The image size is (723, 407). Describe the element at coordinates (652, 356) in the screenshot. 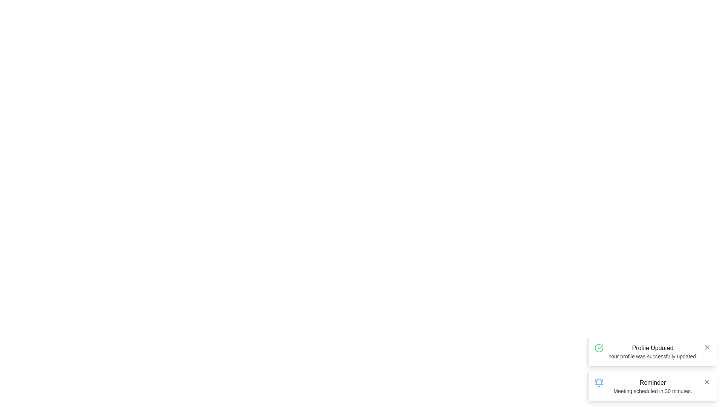

I see `message displayed in the Text Label that confirms the user's profile update was successful, located within the notification card for 'Profile Updated.'` at that location.